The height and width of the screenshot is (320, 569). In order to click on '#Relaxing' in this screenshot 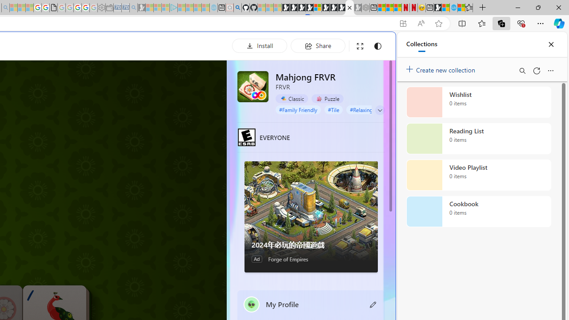, I will do `click(361, 109)`.